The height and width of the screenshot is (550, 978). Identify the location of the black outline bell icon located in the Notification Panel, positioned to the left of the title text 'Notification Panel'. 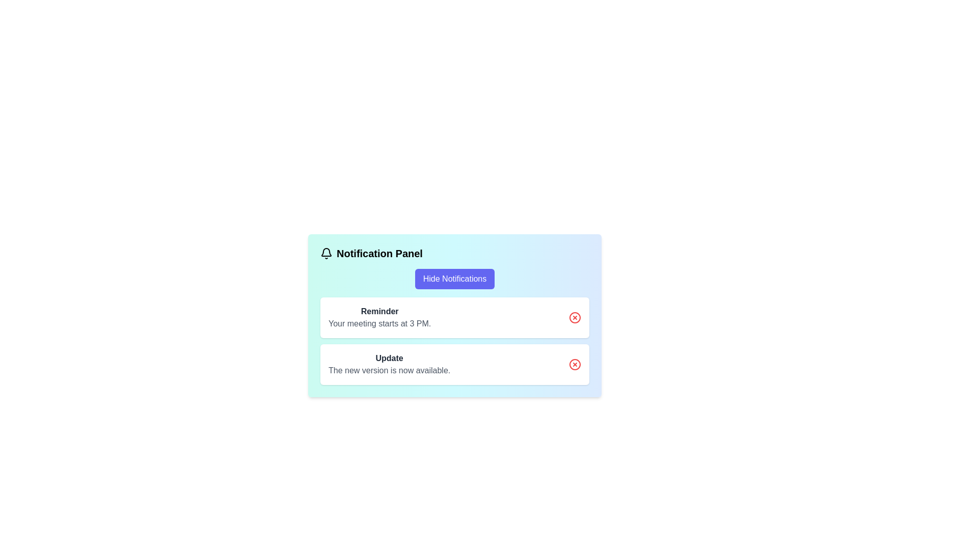
(327, 253).